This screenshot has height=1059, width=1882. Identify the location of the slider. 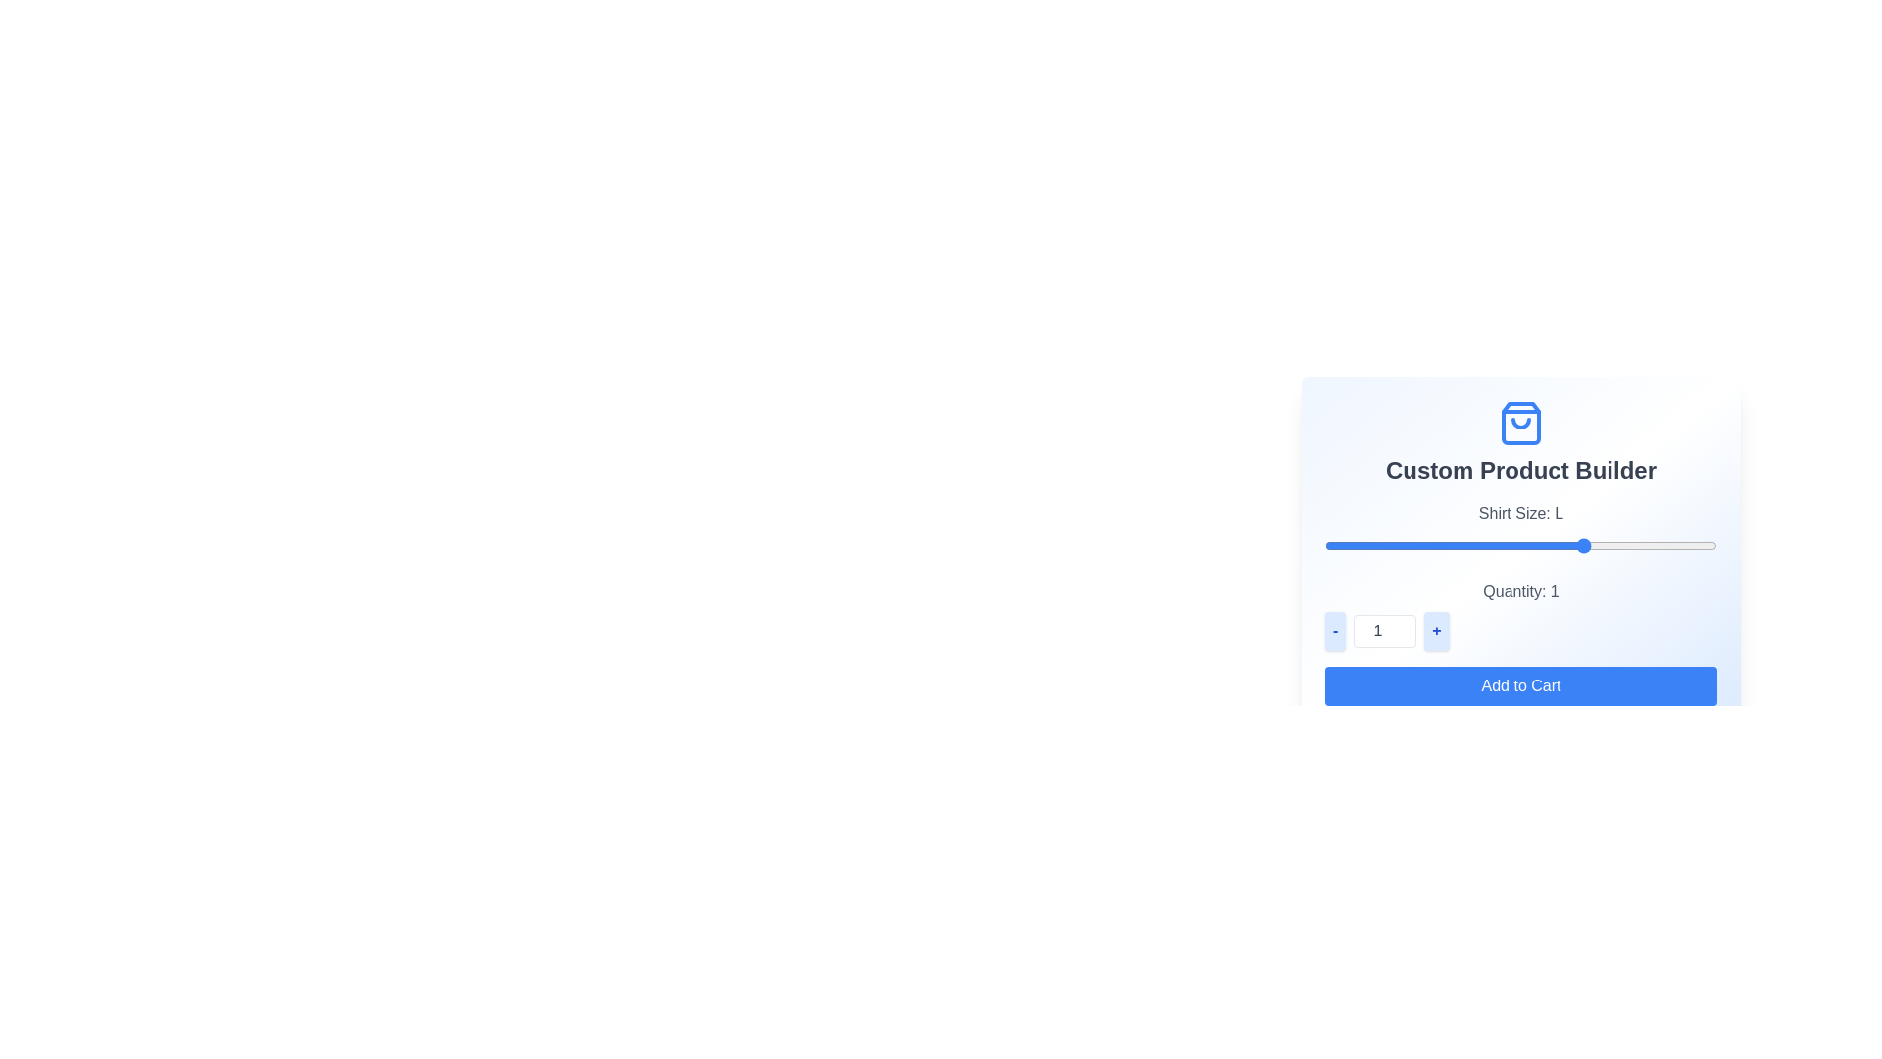
(1325, 545).